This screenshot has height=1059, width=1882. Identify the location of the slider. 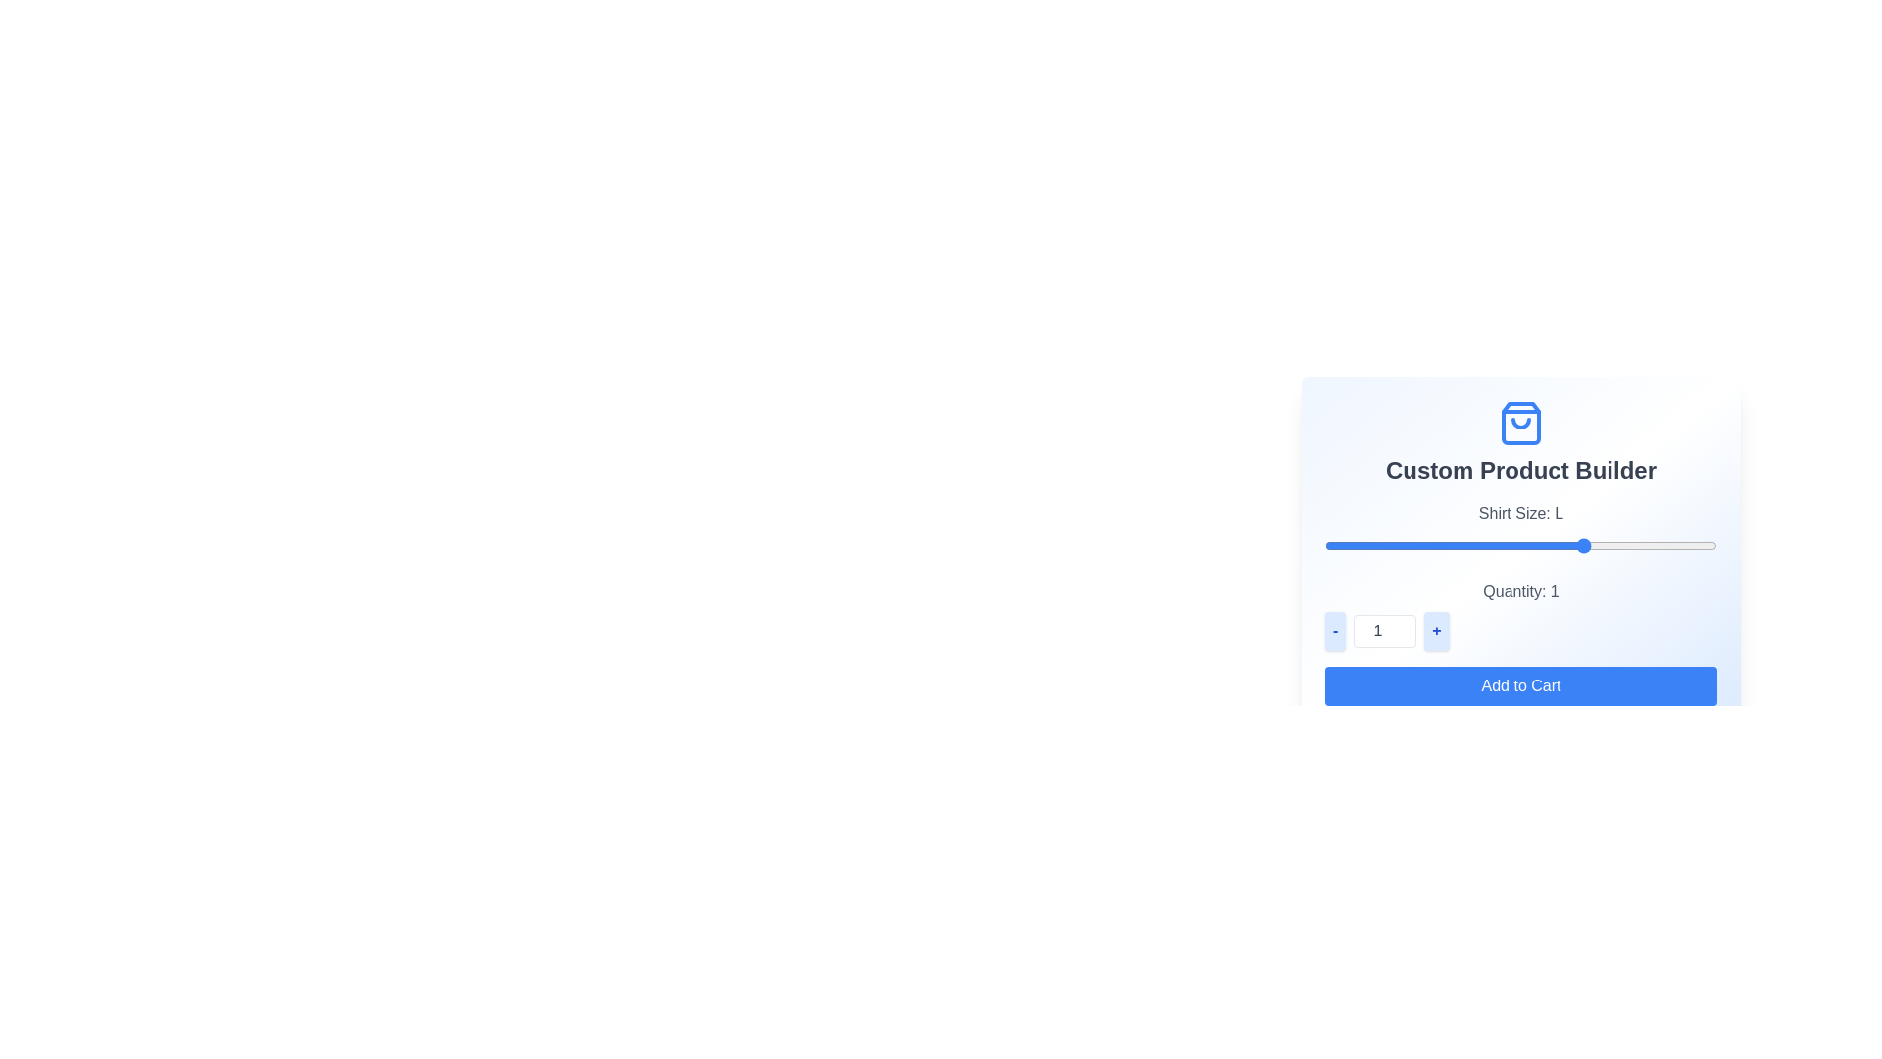
(1325, 545).